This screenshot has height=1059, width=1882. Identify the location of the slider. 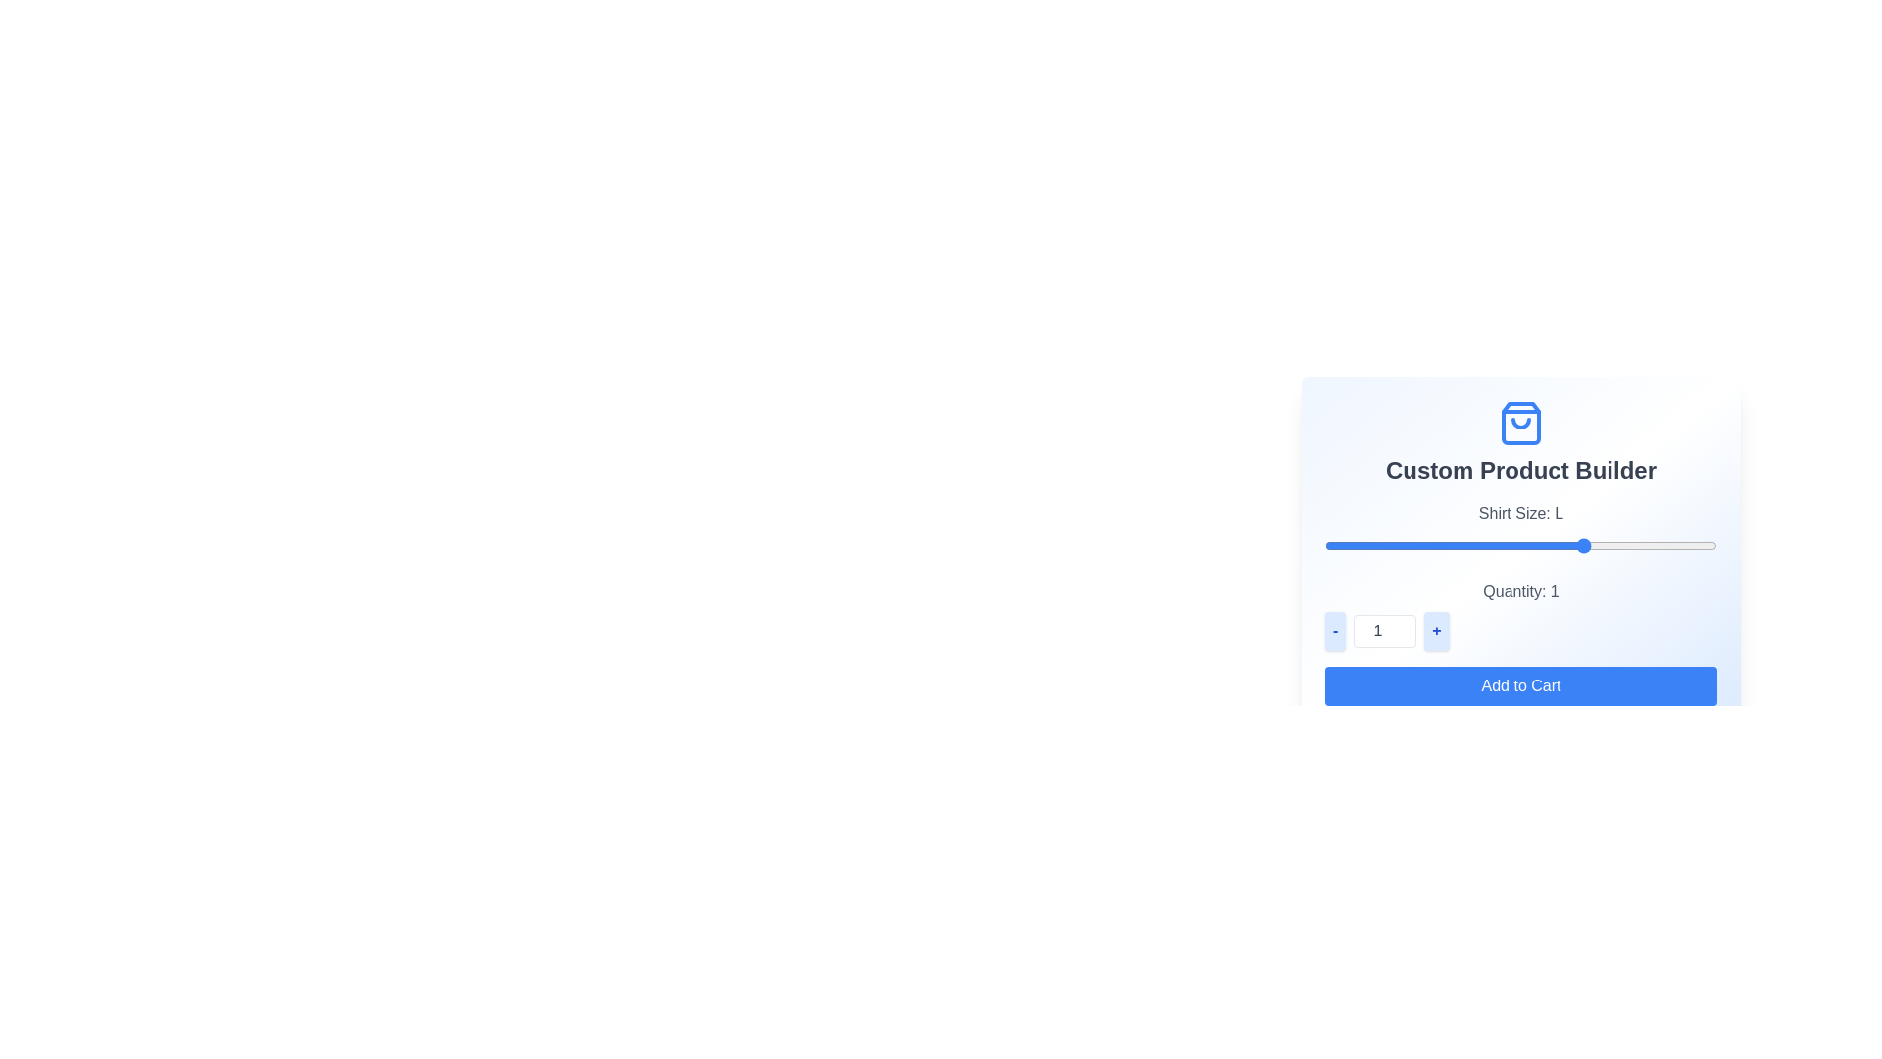
(1325, 545).